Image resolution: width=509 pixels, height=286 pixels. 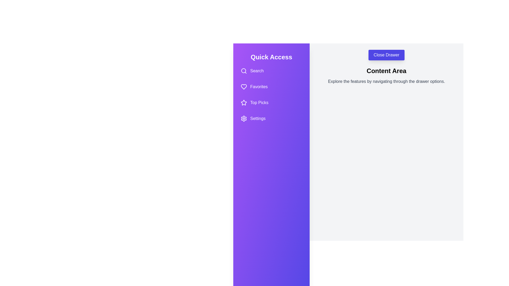 I want to click on the 'Close Drawer' button to close the drawer and reveal more of the content area, so click(x=387, y=55).